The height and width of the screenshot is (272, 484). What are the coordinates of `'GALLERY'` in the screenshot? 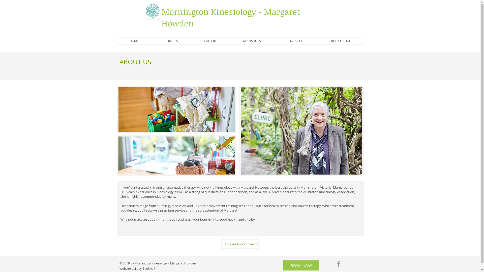 It's located at (210, 41).